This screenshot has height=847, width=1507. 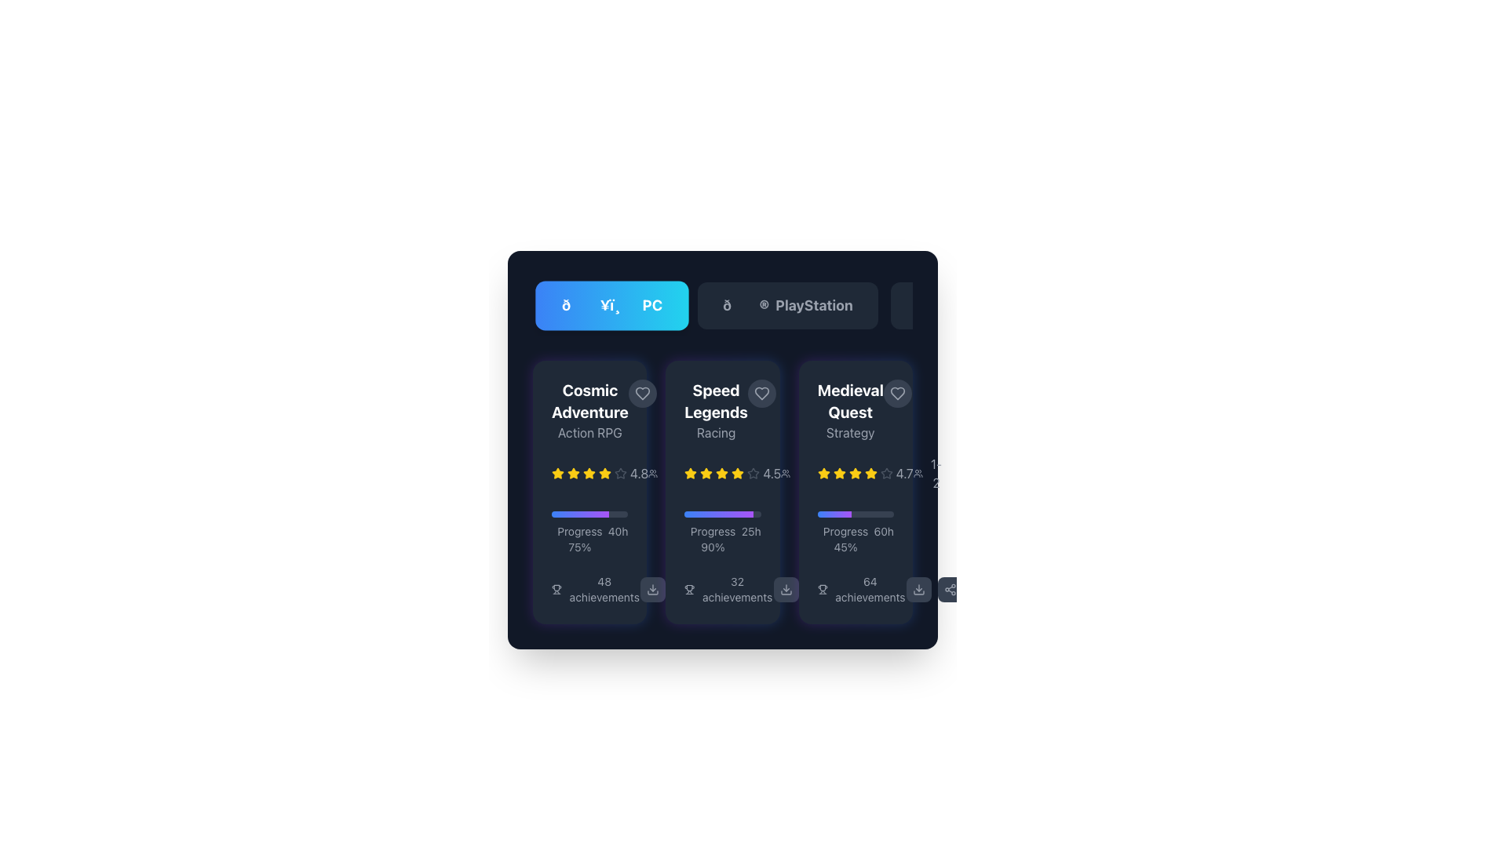 I want to click on the yellow rating star icon used for rating in the row of rating stars for the 'Speed Legends' game, so click(x=691, y=472).